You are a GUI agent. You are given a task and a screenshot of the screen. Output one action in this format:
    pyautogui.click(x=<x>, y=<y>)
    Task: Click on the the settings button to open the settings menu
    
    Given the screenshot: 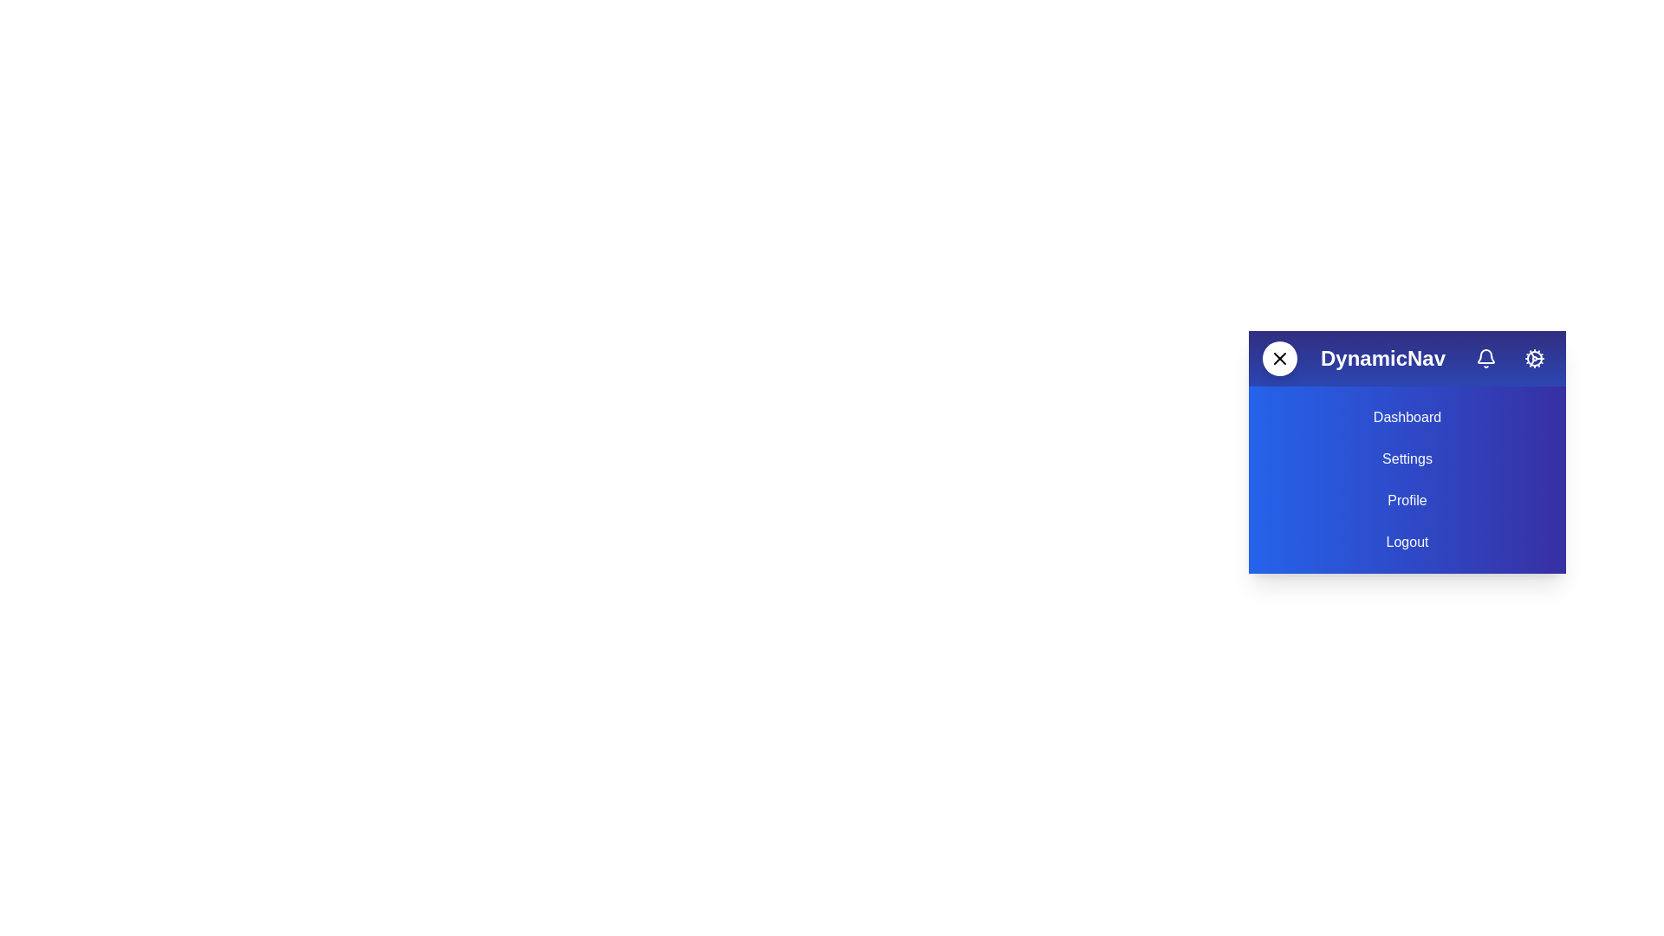 What is the action you would take?
    pyautogui.click(x=1535, y=357)
    